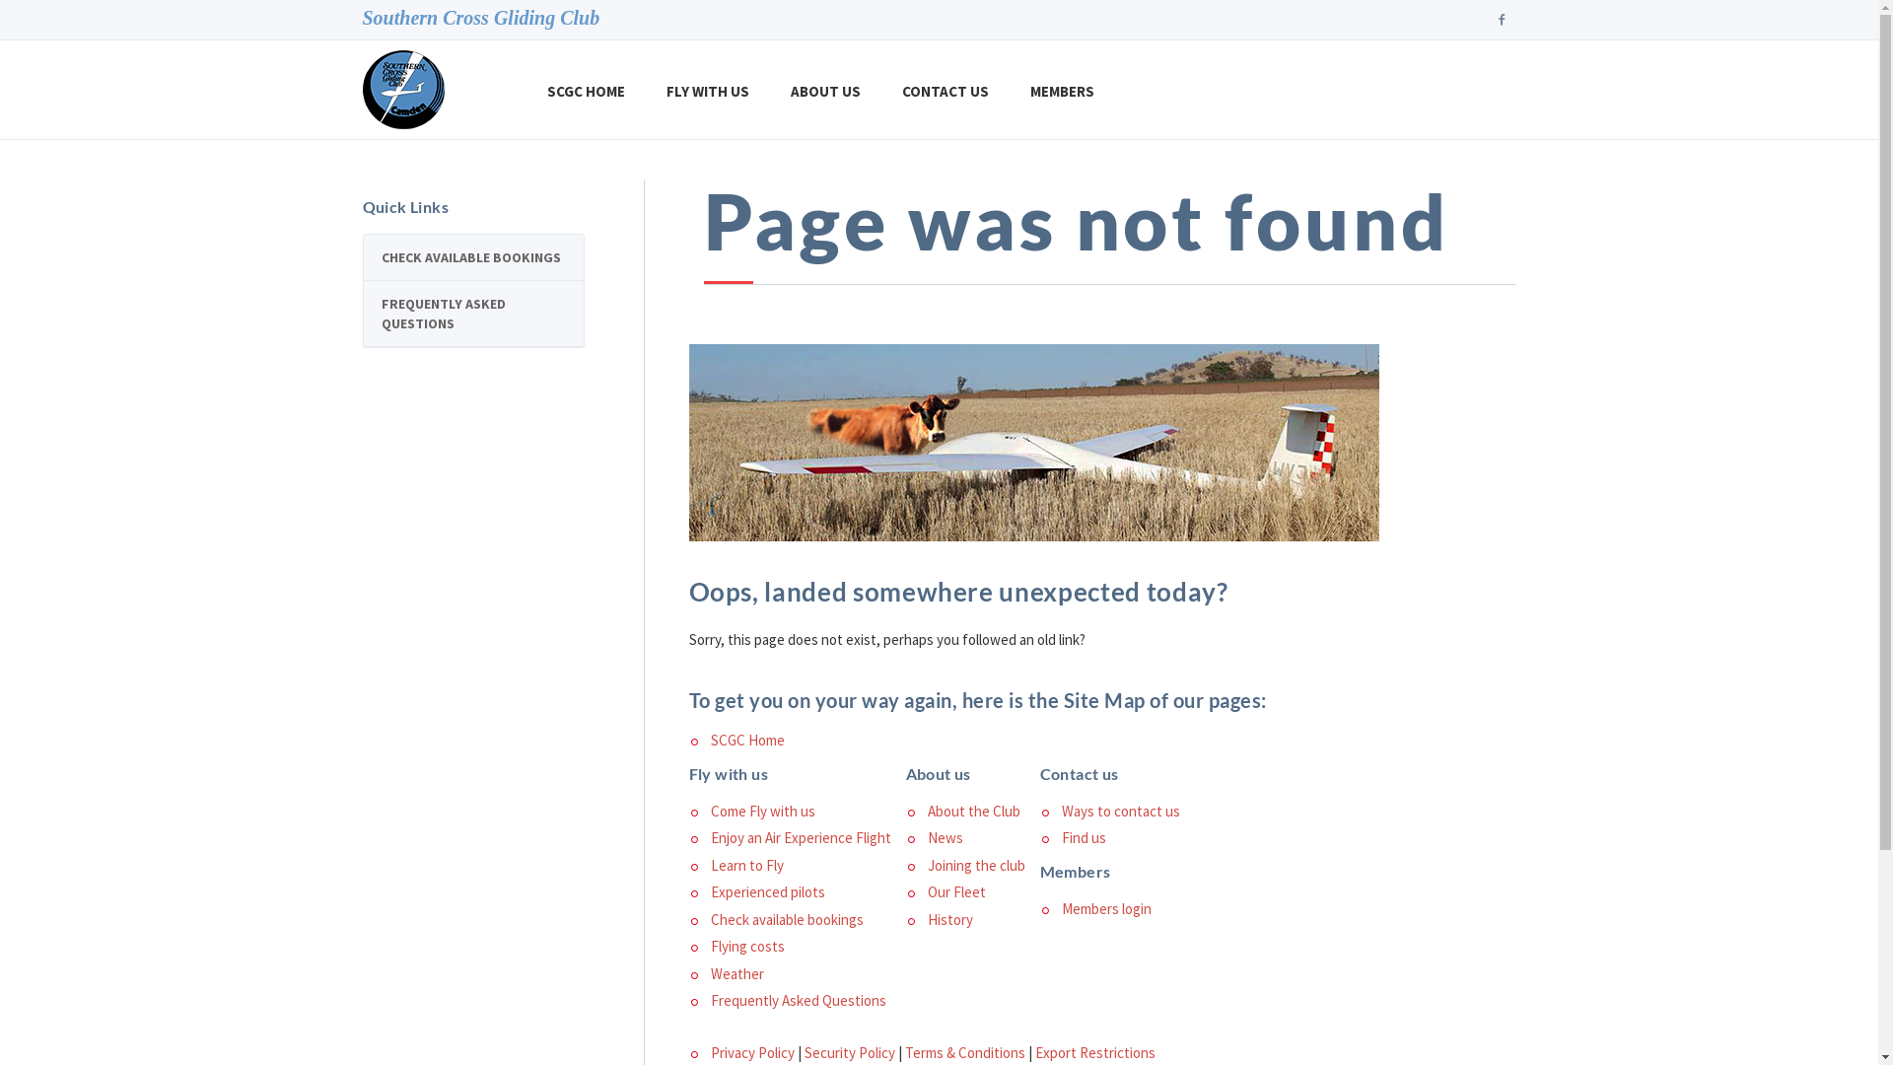 The height and width of the screenshot is (1065, 1893). What do you see at coordinates (708, 90) in the screenshot?
I see `'FLY WITH US'` at bounding box center [708, 90].